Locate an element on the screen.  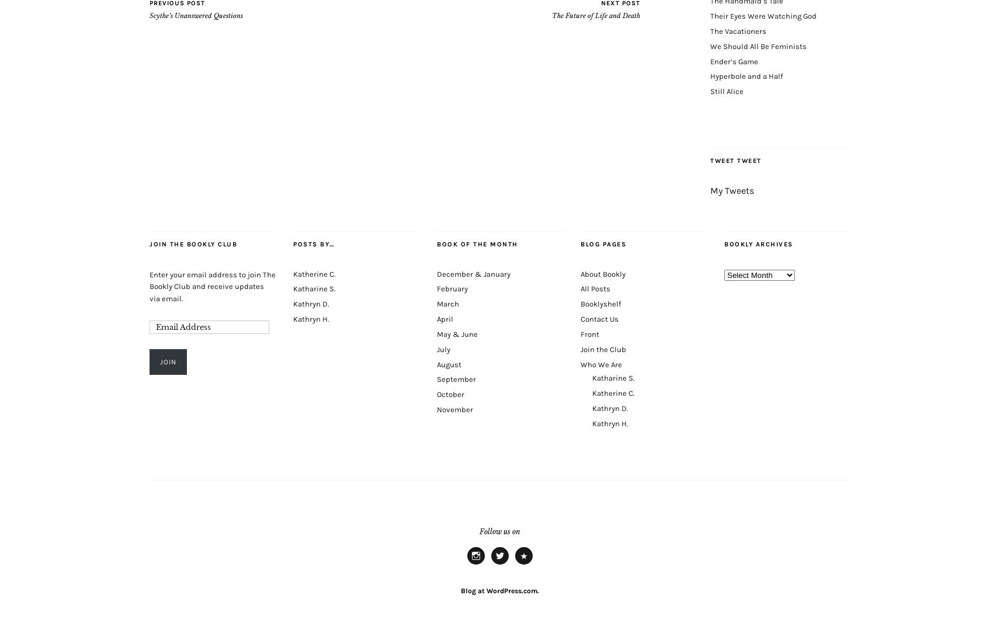
'Who We Are' is located at coordinates (600, 363).